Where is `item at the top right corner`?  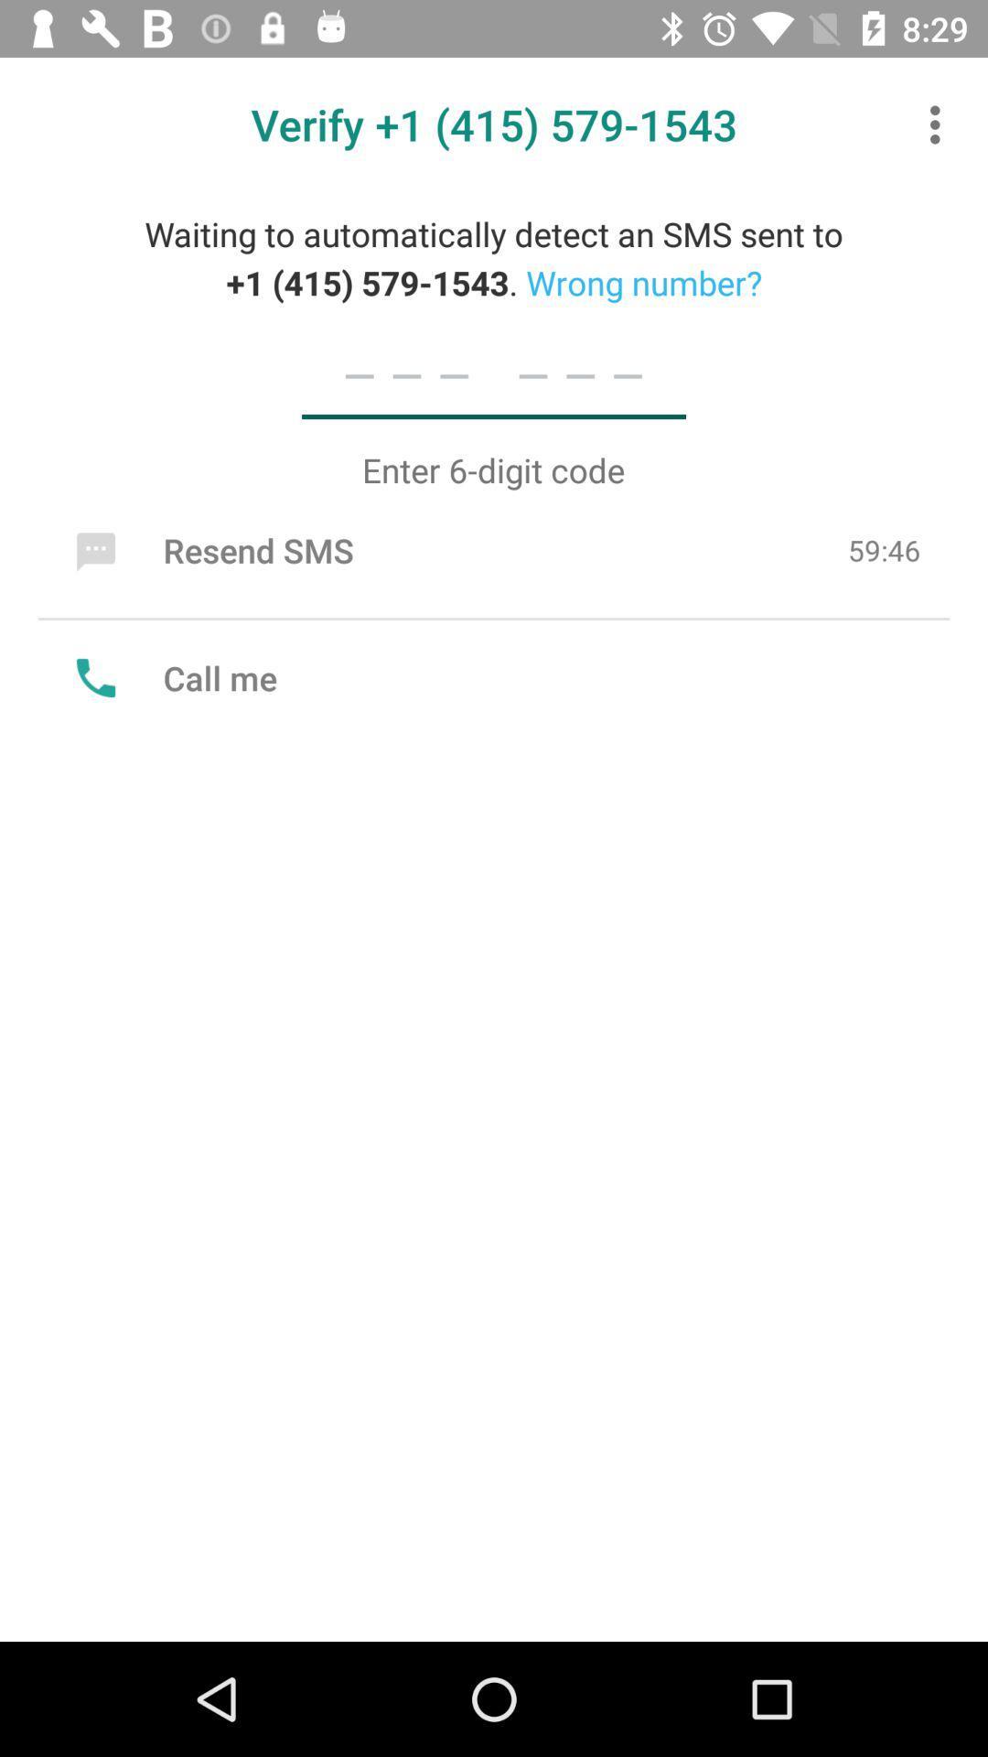
item at the top right corner is located at coordinates (940, 124).